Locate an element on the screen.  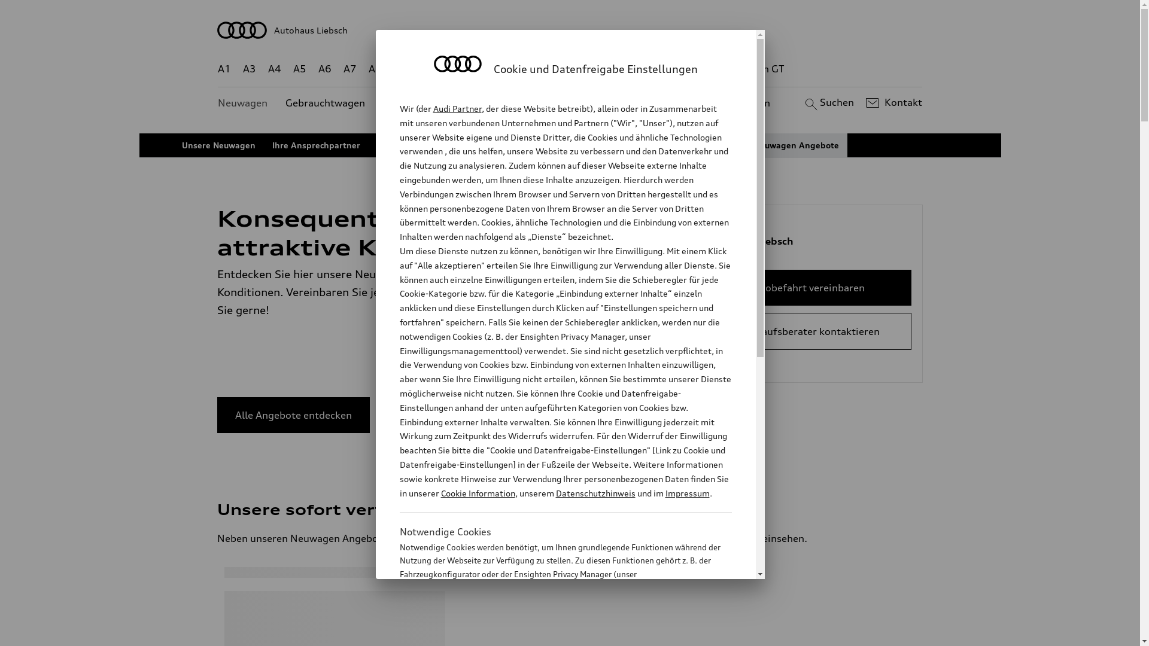
'Unsere Neuwagen' is located at coordinates (172, 145).